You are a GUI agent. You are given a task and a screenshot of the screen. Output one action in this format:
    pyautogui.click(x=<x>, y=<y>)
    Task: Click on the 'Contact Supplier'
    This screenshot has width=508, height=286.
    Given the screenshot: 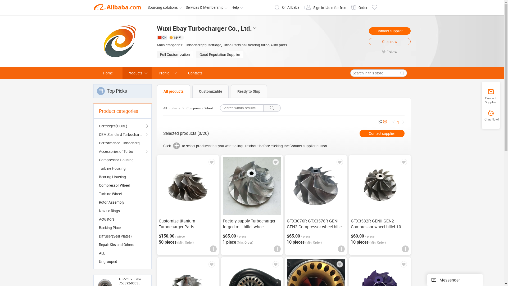 What is the action you would take?
    pyautogui.click(x=490, y=96)
    